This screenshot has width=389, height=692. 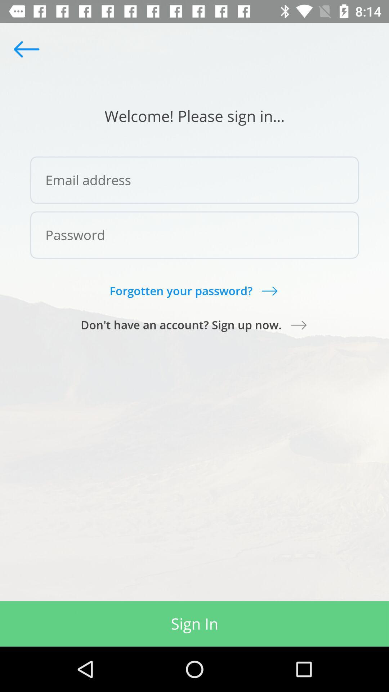 I want to click on the item above the don t have icon, so click(x=194, y=290).